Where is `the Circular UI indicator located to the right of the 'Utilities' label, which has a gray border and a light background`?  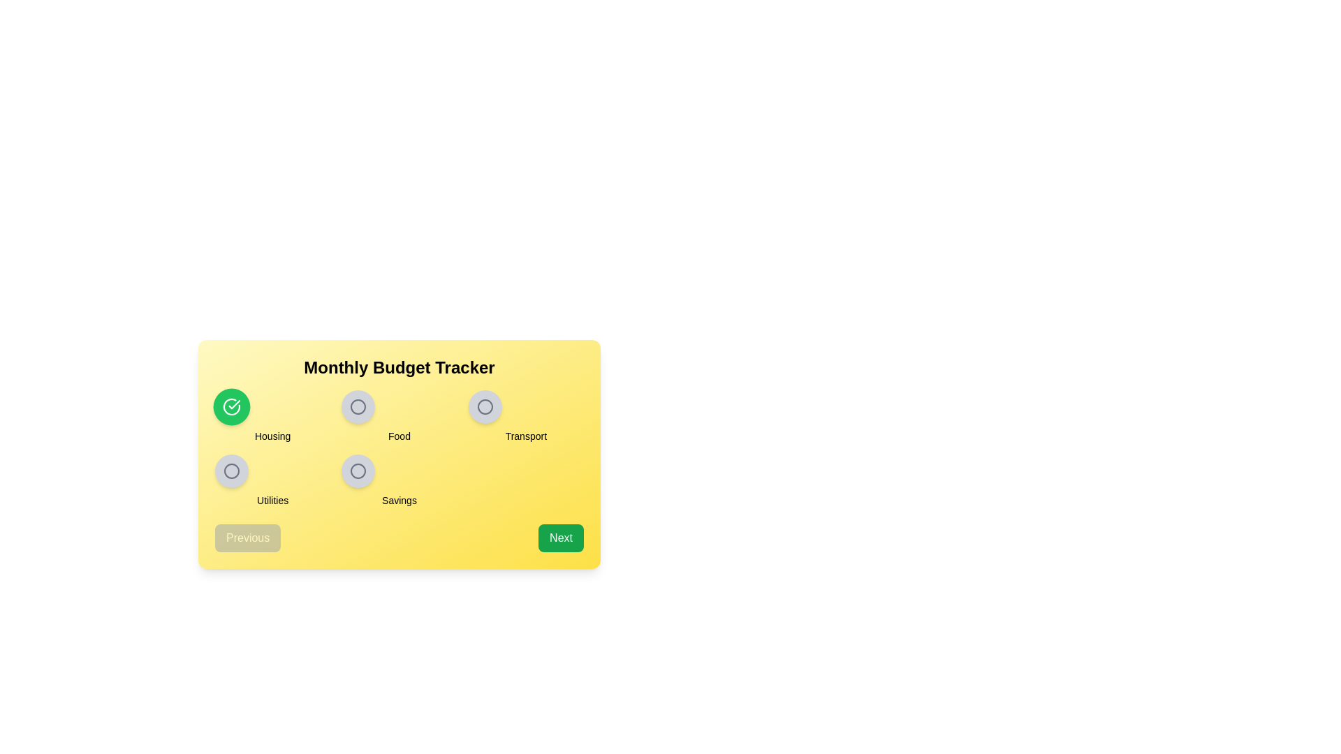
the Circular UI indicator located to the right of the 'Utilities' label, which has a gray border and a light background is located at coordinates (231, 471).